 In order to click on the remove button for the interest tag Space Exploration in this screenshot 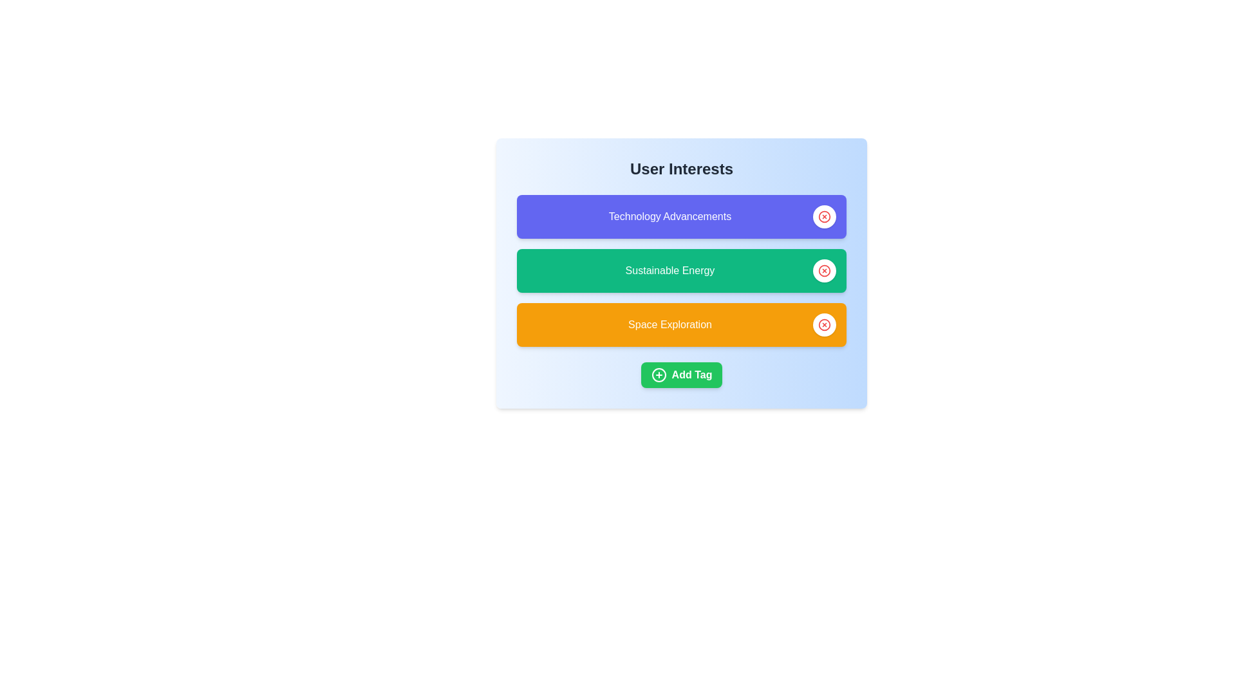, I will do `click(825, 324)`.